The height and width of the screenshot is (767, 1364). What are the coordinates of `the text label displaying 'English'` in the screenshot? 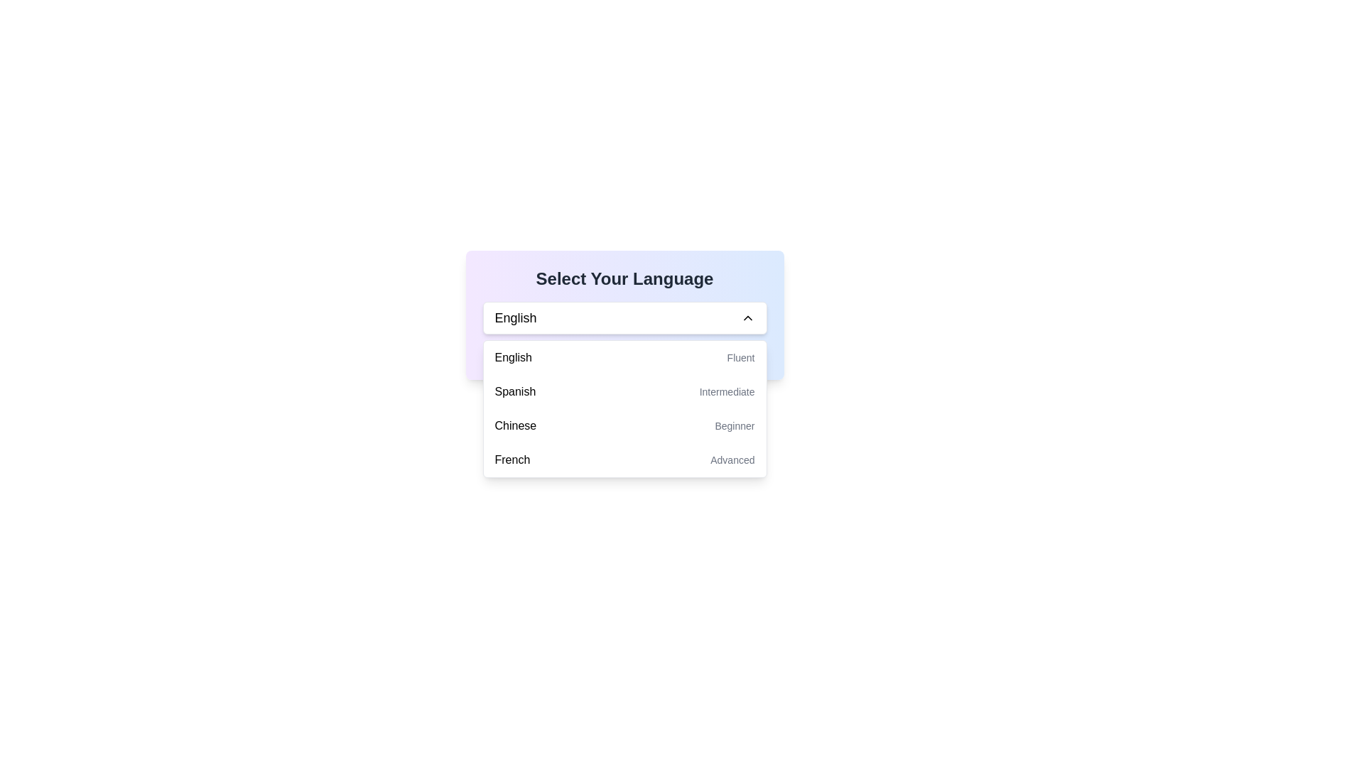 It's located at (511, 357).